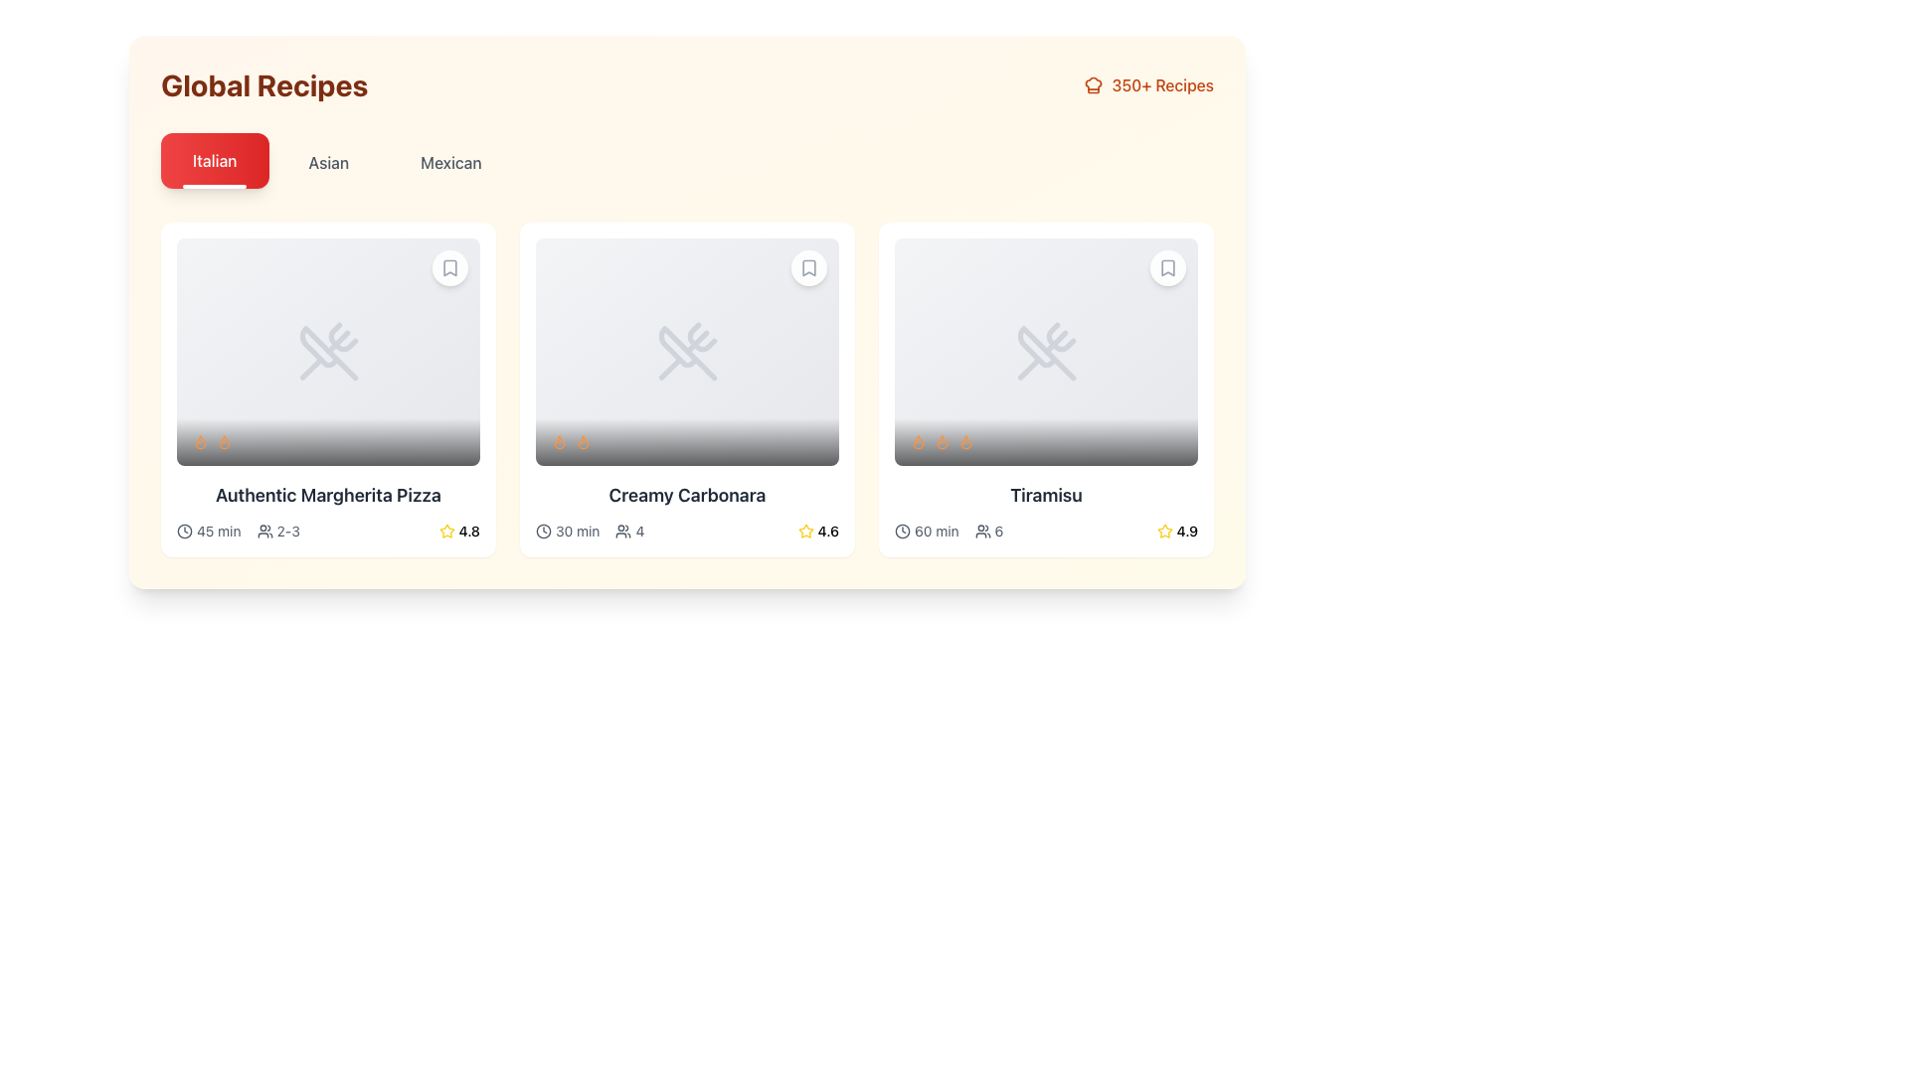 This screenshot has height=1073, width=1909. I want to click on the user/group icon with a minimalistic design, positioned before the text '2-3' in the recipe card's additional information area, so click(263, 530).